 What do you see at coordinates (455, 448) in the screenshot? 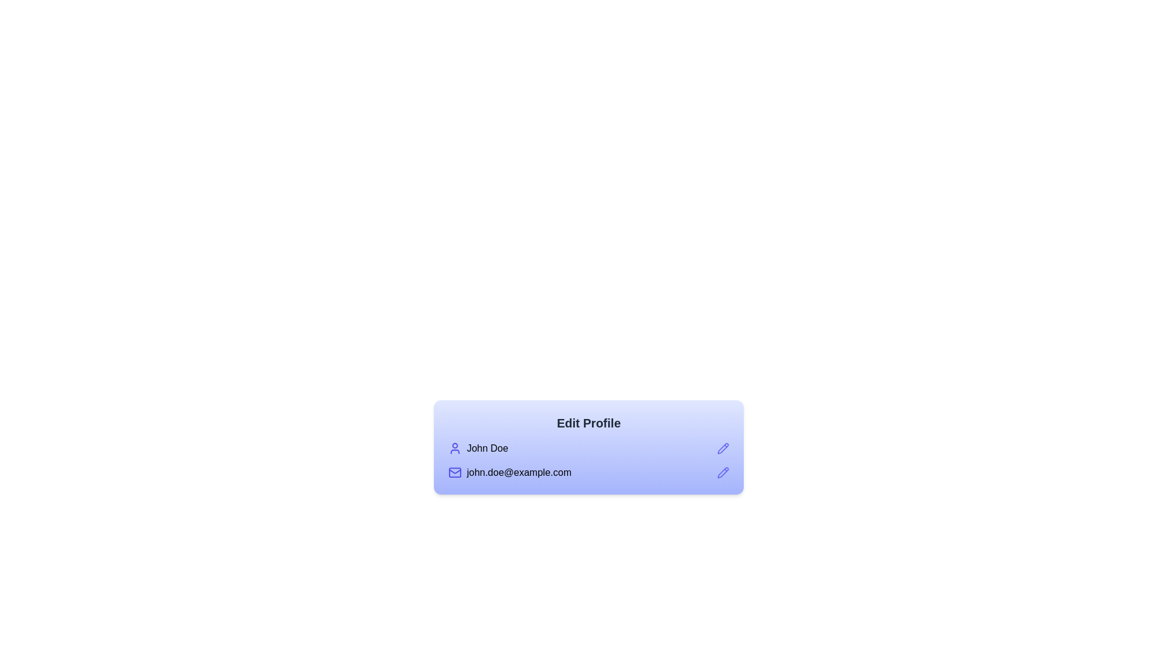
I see `the user profile icon, which is a circular head and shoulders shape outlined in indigo color, located to the left of the text 'John Doe'` at bounding box center [455, 448].